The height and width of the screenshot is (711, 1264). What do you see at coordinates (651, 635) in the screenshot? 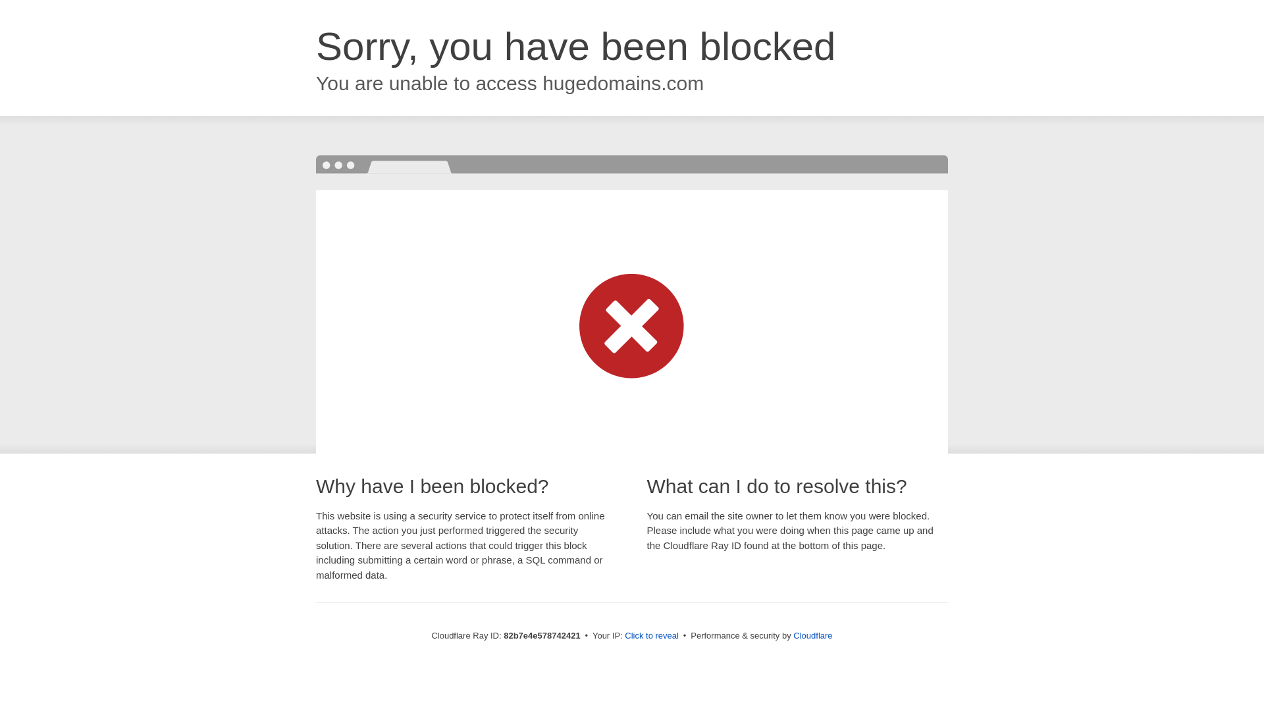
I see `'Click to reveal'` at bounding box center [651, 635].